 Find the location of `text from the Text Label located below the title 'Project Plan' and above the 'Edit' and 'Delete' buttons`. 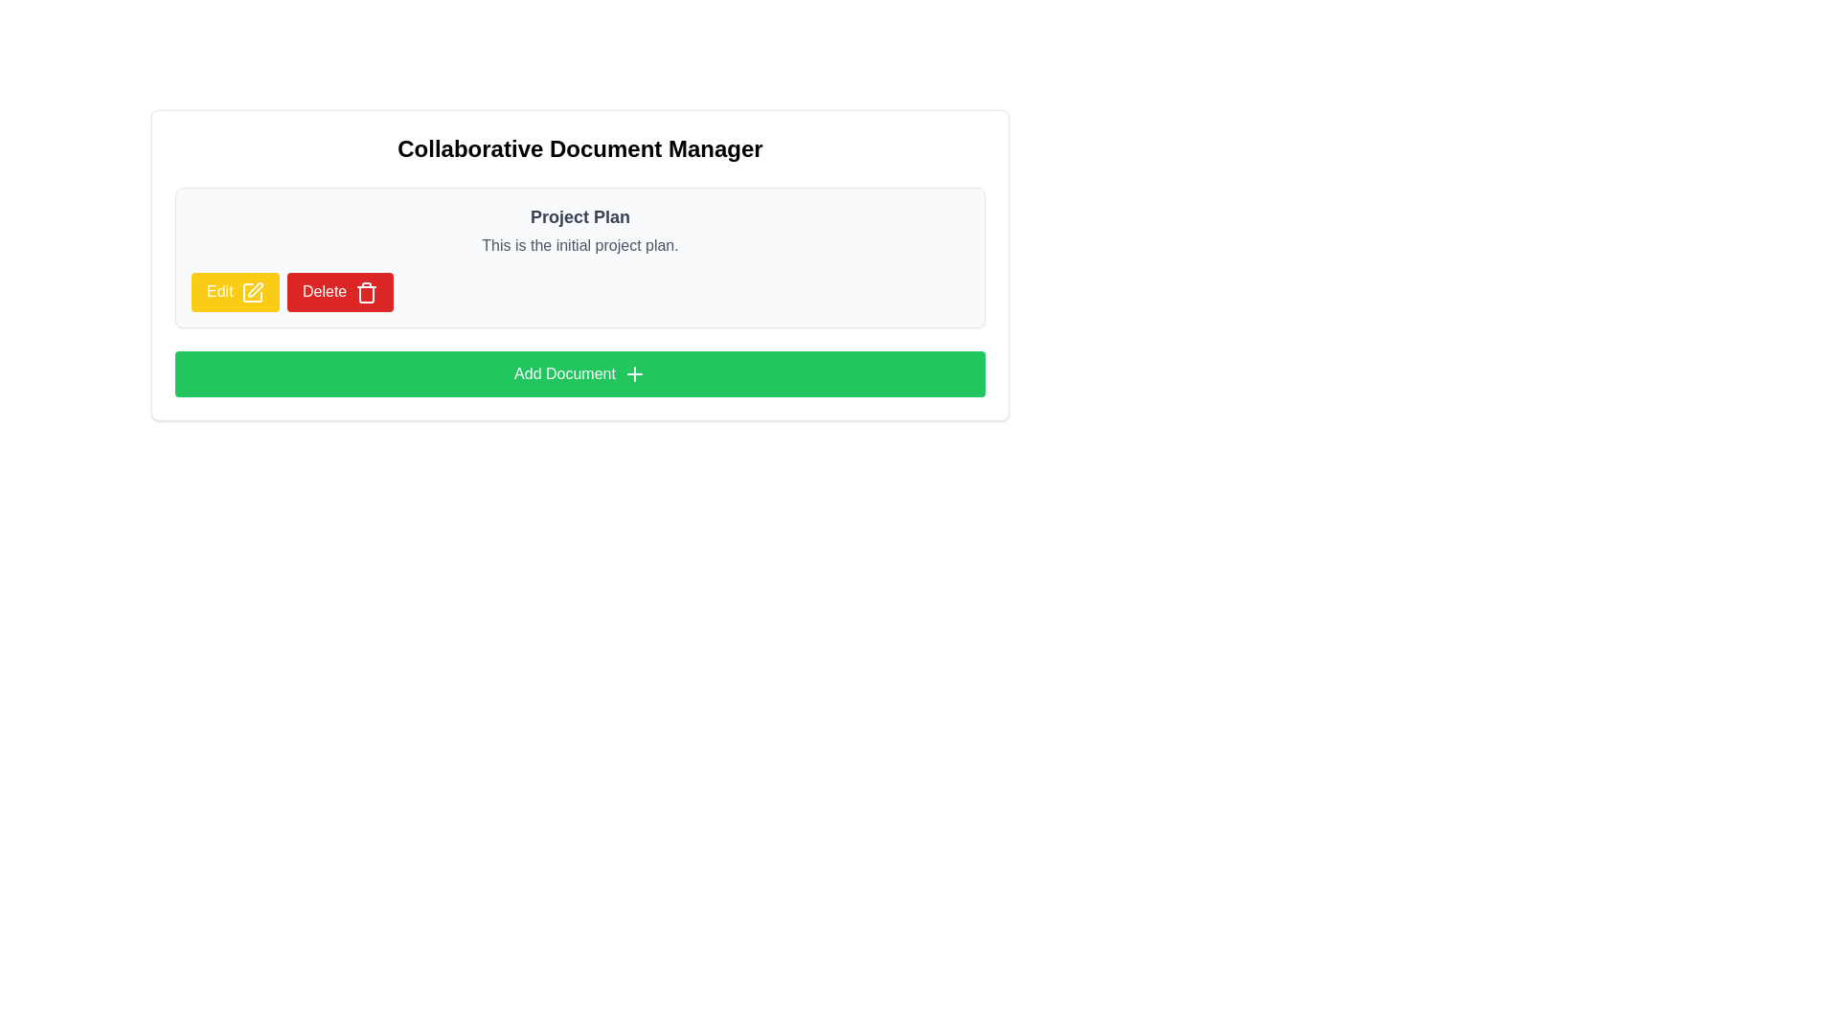

text from the Text Label located below the title 'Project Plan' and above the 'Edit' and 'Delete' buttons is located at coordinates (579, 245).